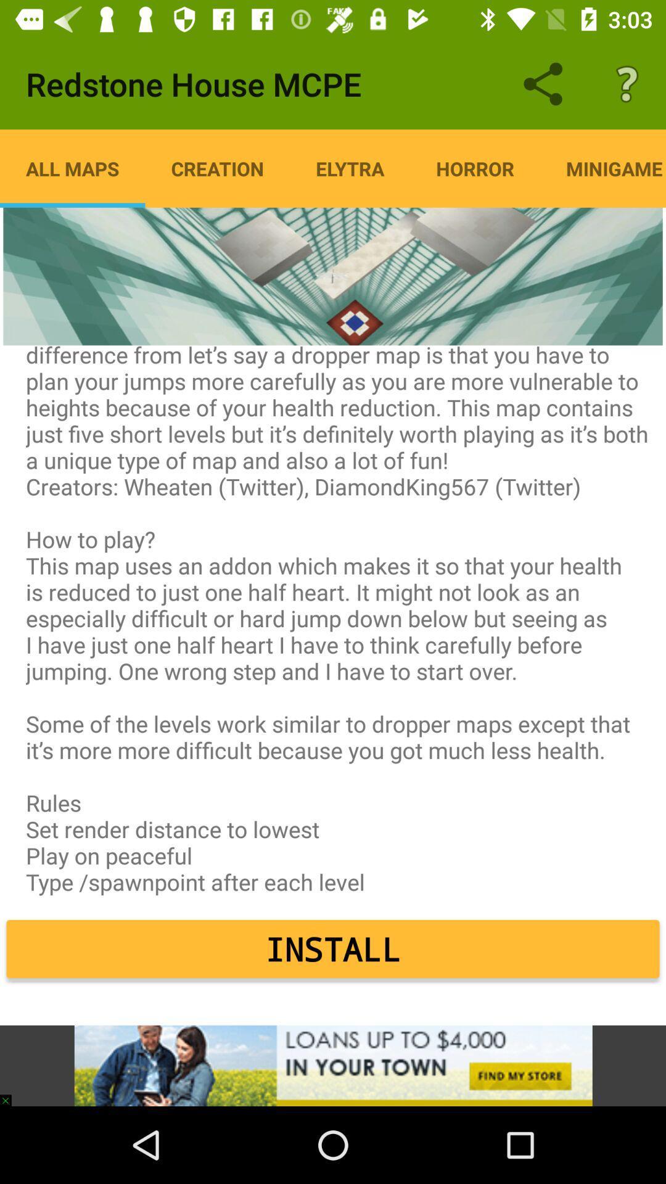 The image size is (666, 1184). I want to click on icon to the left of horror, so click(350, 168).